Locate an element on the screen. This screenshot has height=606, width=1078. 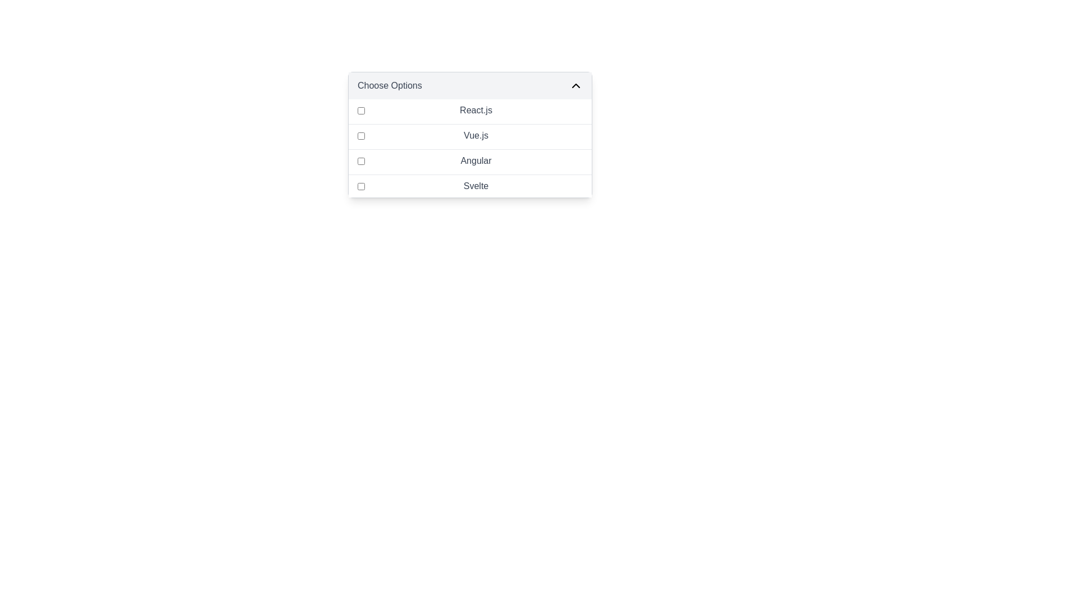
the text label located in the last row of a dropdown list, immediately to the right of a checkbox is located at coordinates (476, 185).